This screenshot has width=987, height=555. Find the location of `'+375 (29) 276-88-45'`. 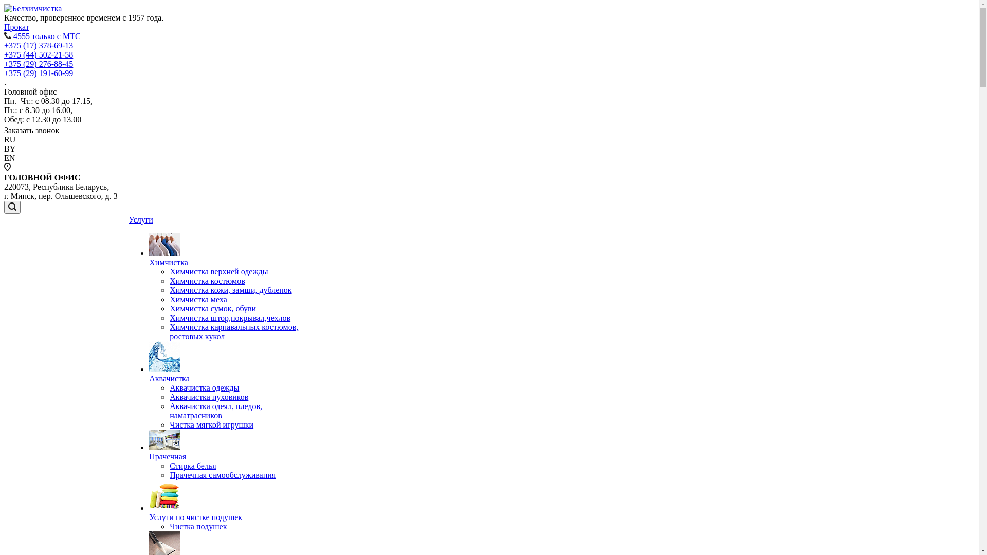

'+375 (29) 276-88-45' is located at coordinates (39, 64).